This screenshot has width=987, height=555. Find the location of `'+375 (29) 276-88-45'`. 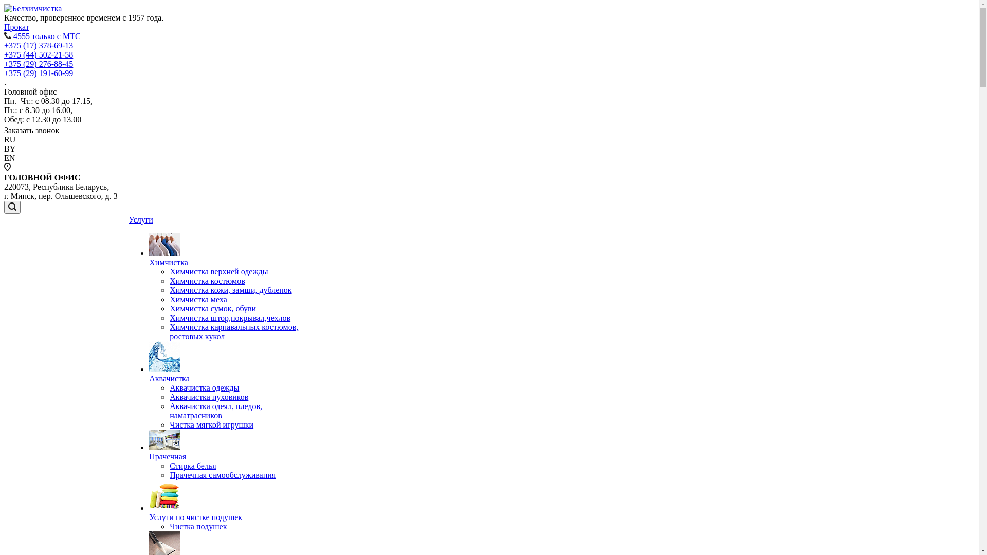

'+375 (29) 276-88-45' is located at coordinates (39, 64).